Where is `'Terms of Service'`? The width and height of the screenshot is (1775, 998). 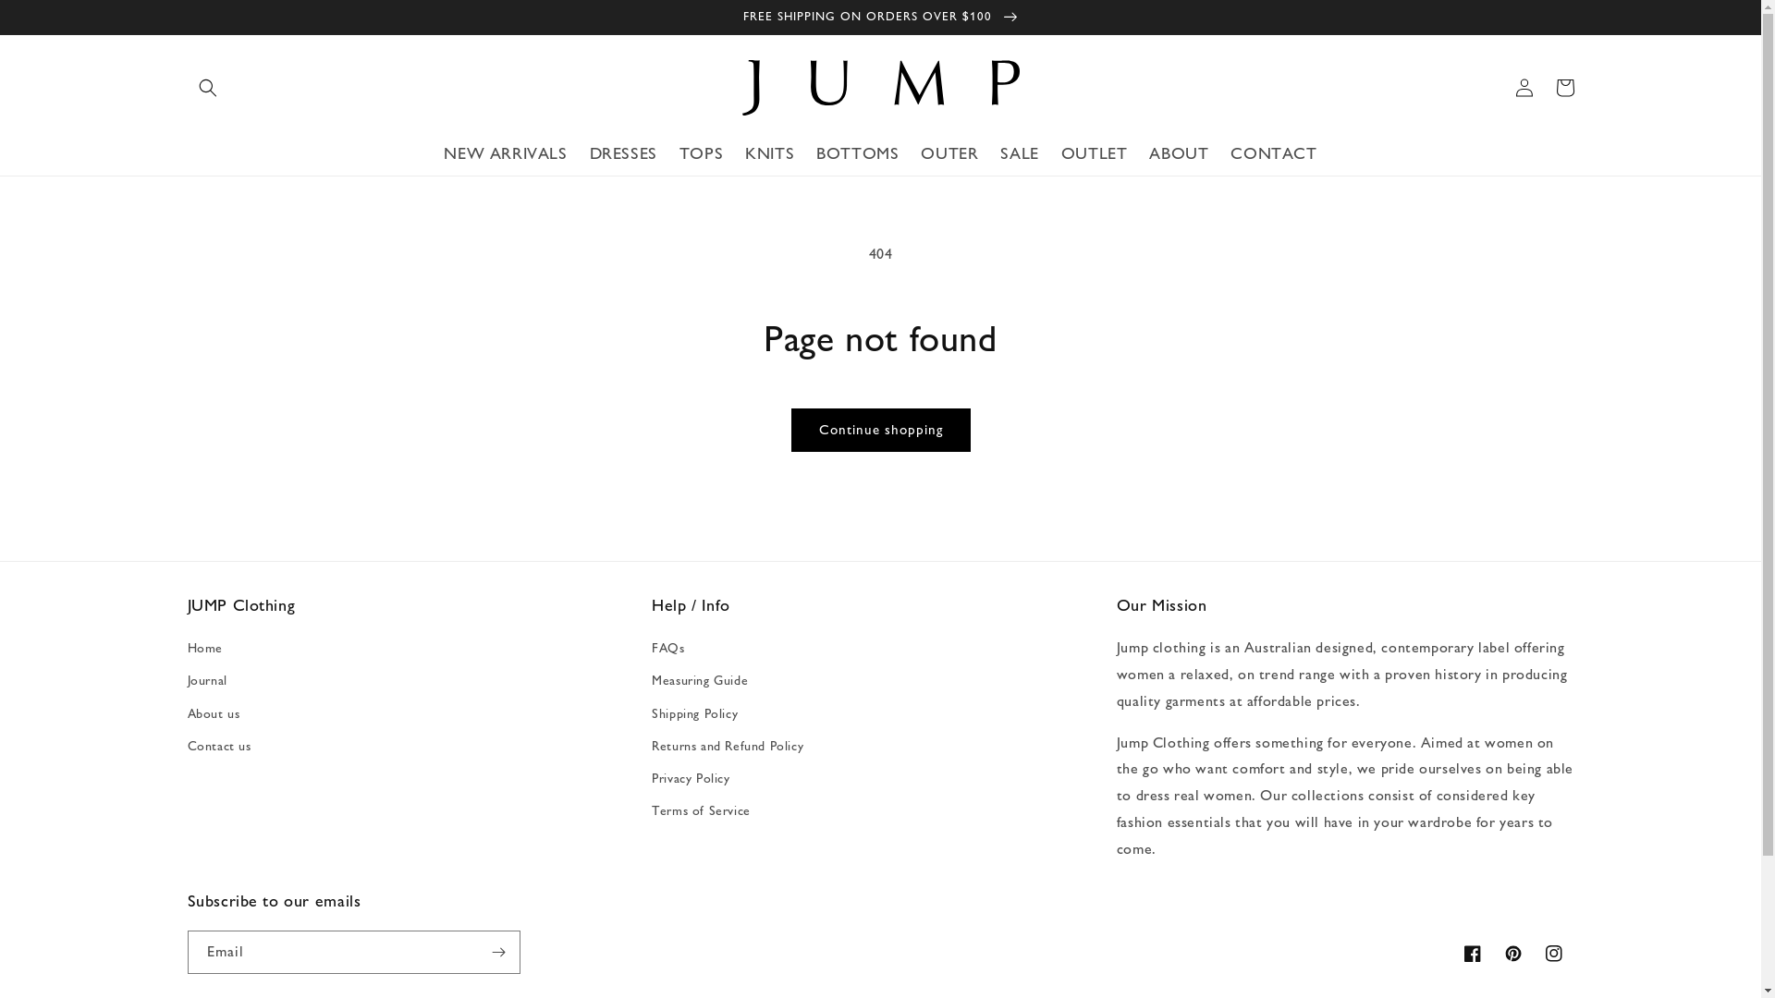 'Terms of Service' is located at coordinates (700, 809).